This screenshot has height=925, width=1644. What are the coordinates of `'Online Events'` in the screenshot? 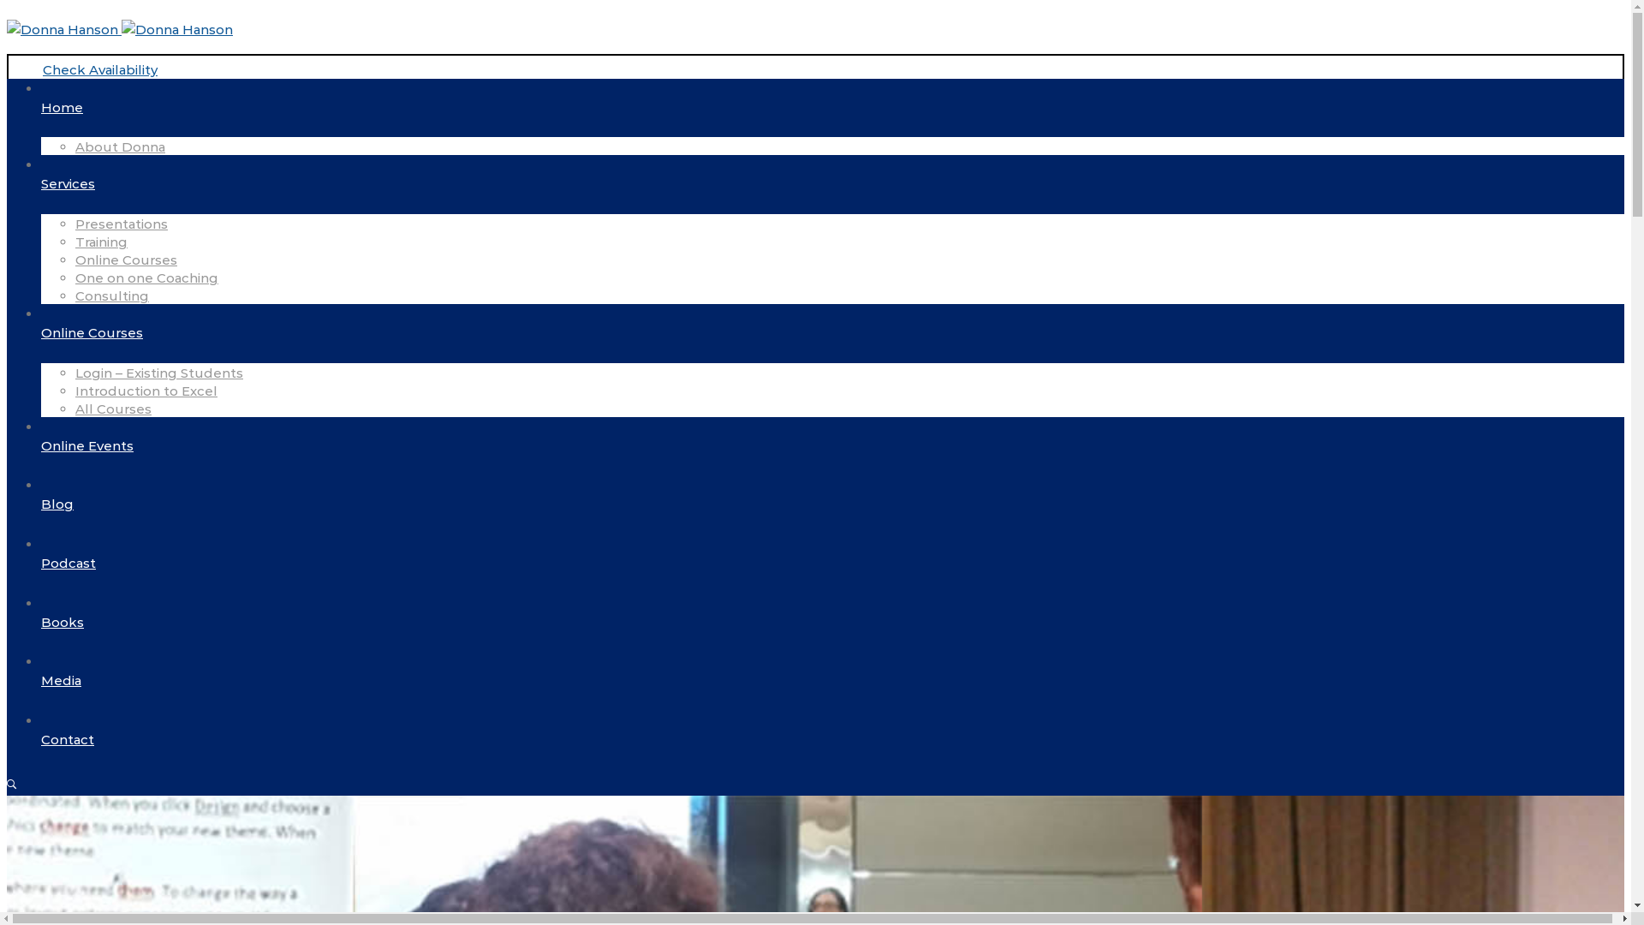 It's located at (832, 445).